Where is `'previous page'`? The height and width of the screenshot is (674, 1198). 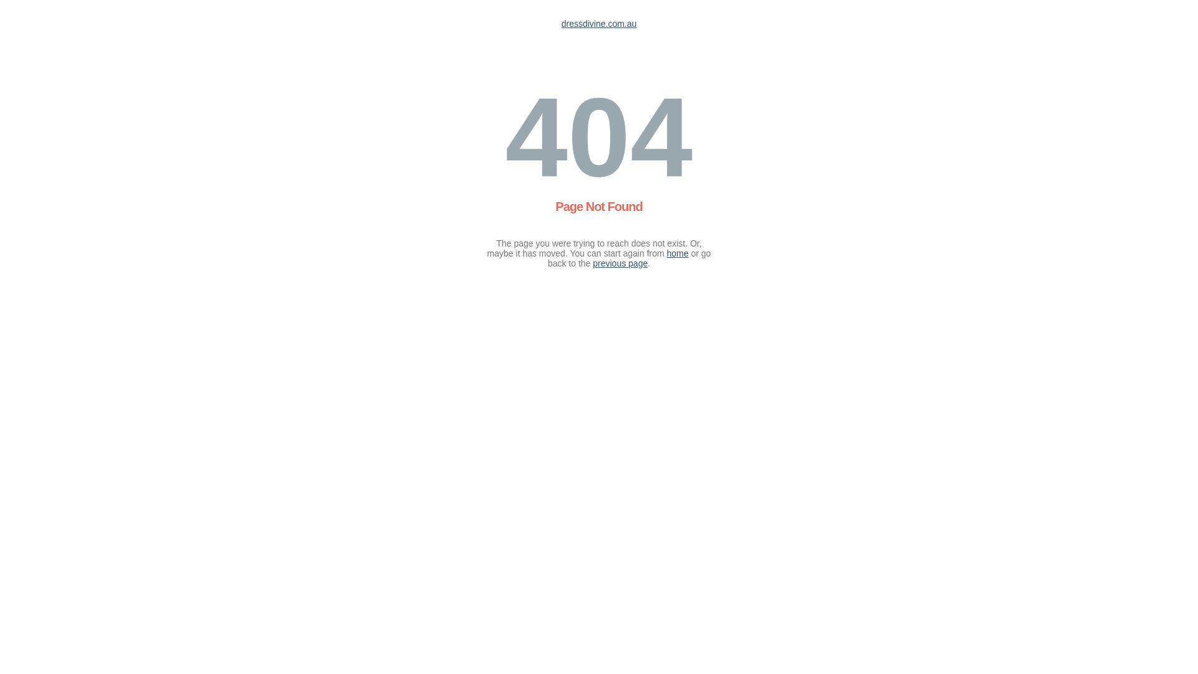 'previous page' is located at coordinates (620, 262).